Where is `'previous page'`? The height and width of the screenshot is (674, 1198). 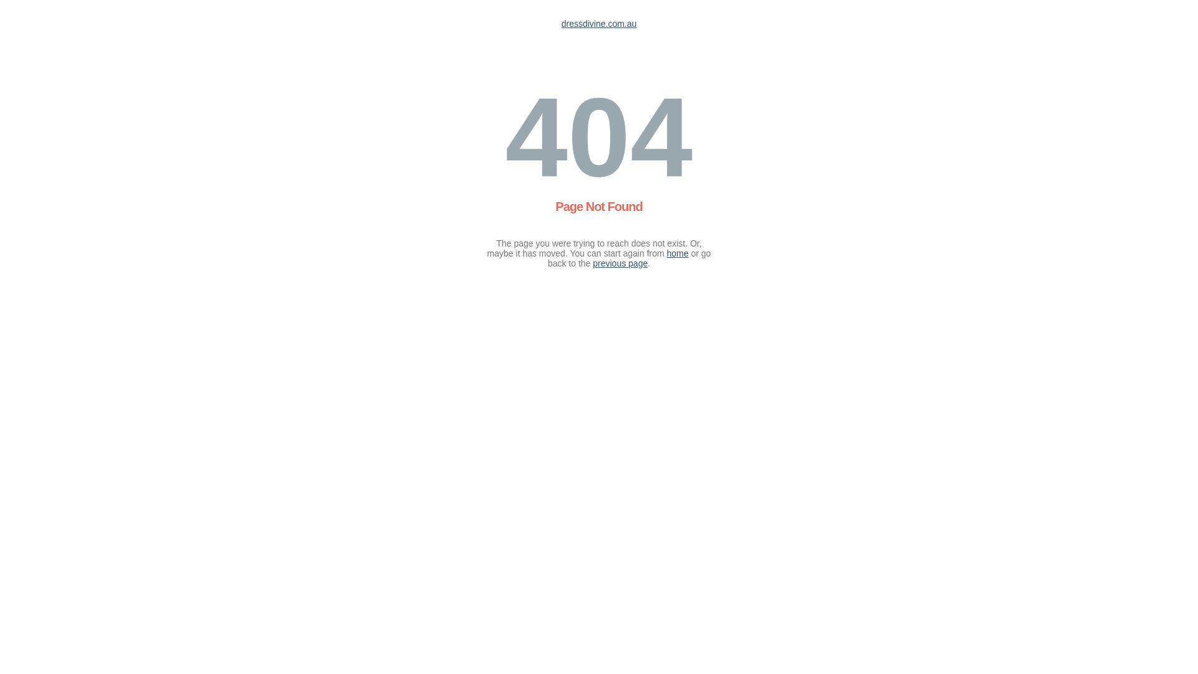 'previous page' is located at coordinates (620, 262).